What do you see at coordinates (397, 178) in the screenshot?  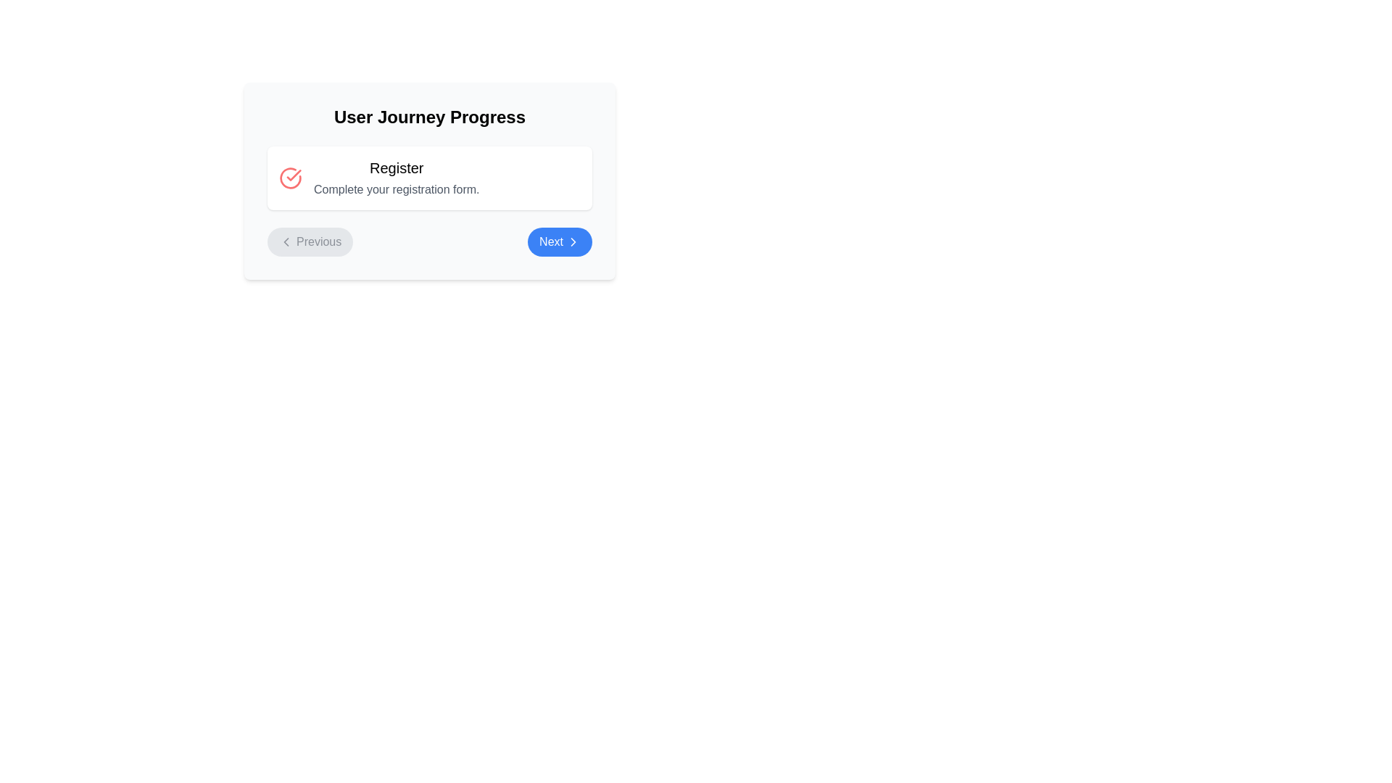 I see `the text display element titled 'Register' with the description 'Complete your registration form.'` at bounding box center [397, 178].